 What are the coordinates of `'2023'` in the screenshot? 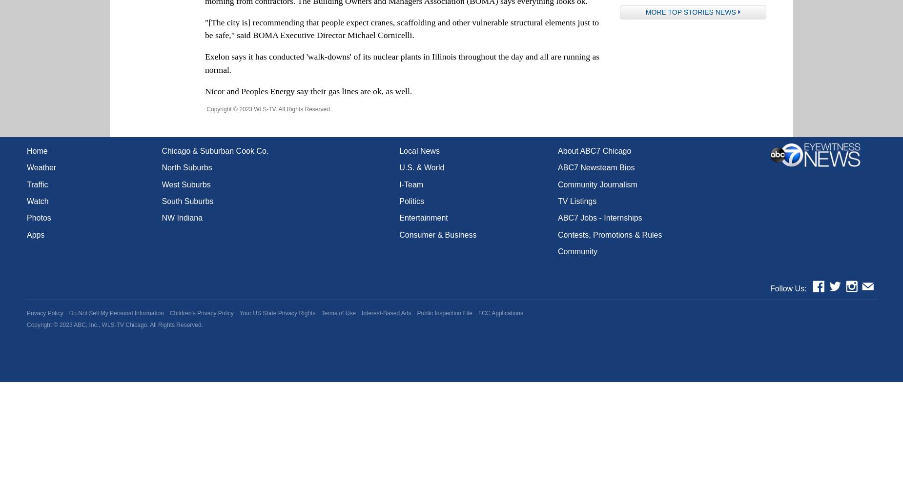 It's located at (65, 325).